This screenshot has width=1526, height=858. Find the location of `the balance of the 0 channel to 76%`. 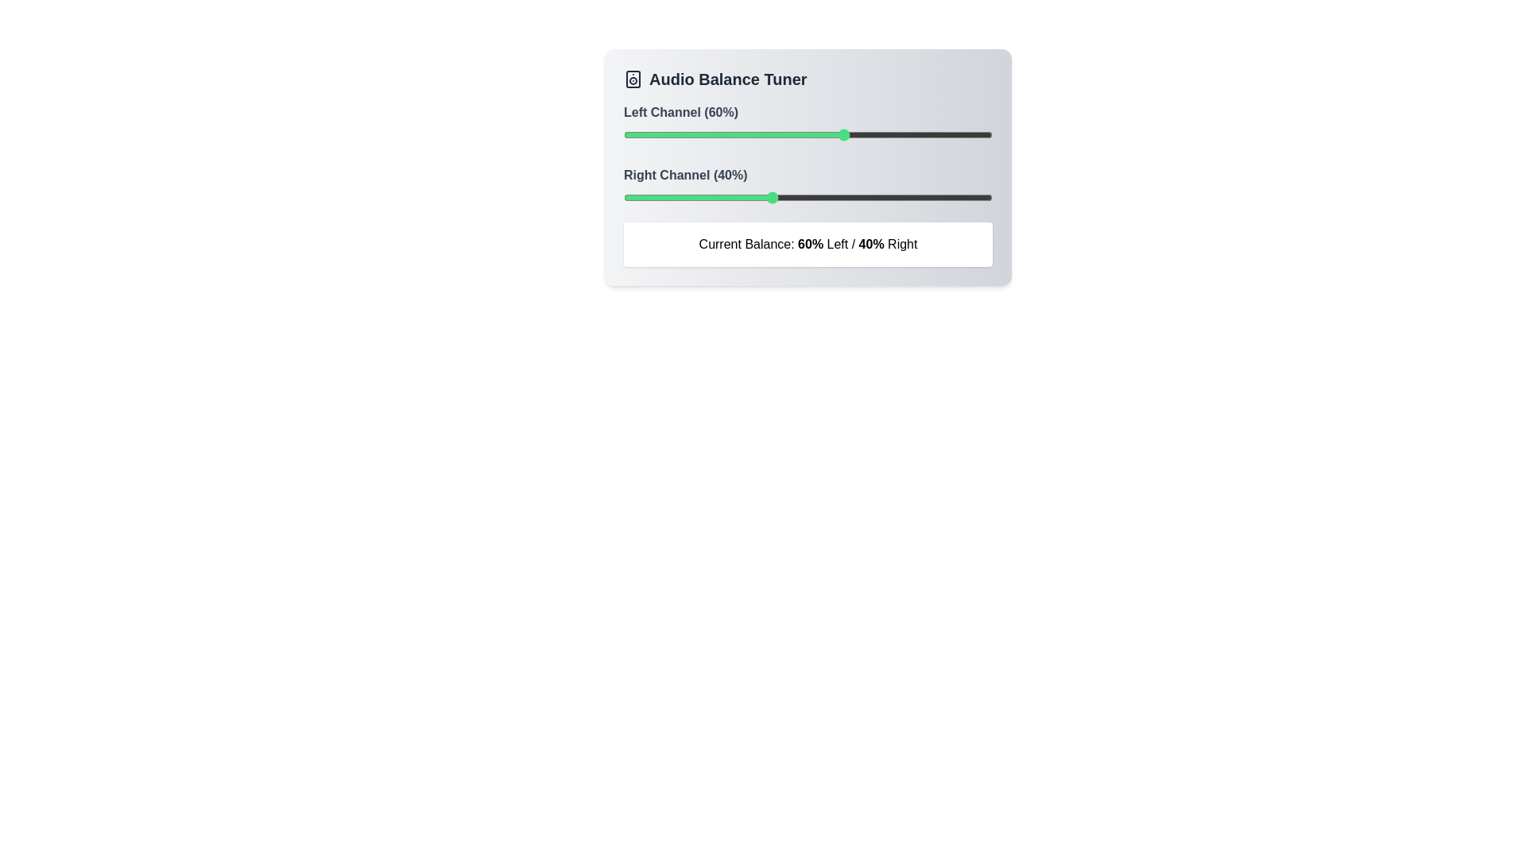

the balance of the 0 channel to 76% is located at coordinates (904, 133).